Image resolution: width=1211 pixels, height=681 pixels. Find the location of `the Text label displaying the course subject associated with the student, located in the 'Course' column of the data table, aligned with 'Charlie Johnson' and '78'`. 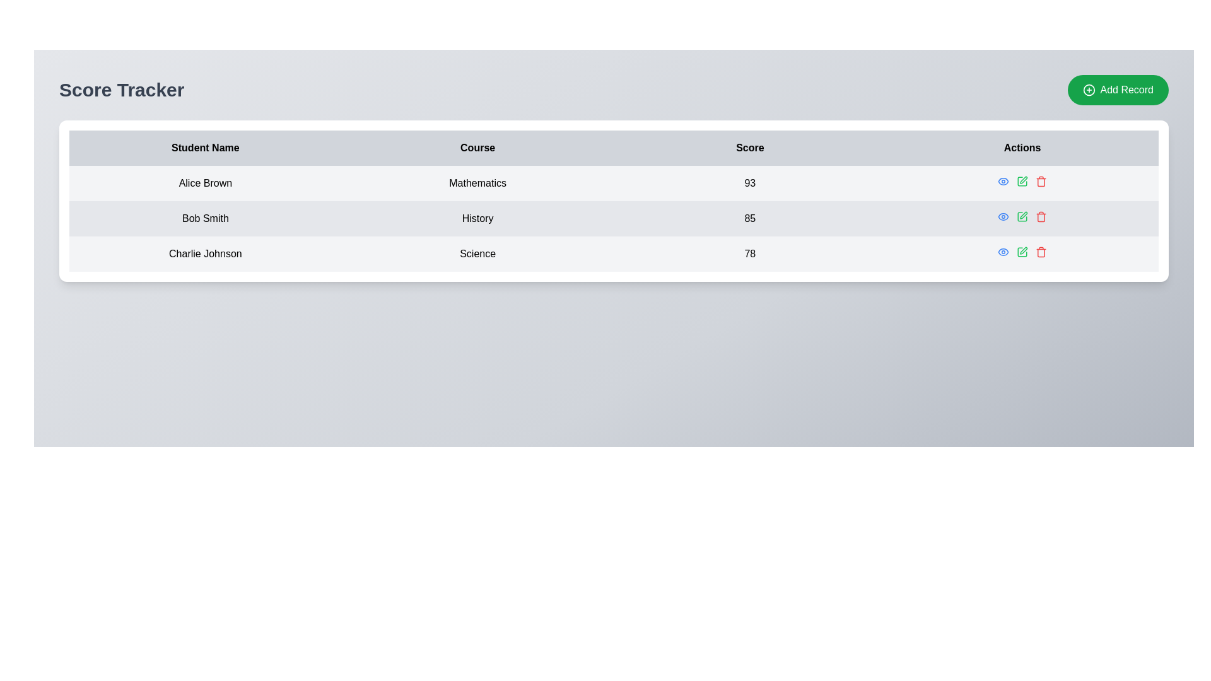

the Text label displaying the course subject associated with the student, located in the 'Course' column of the data table, aligned with 'Charlie Johnson' and '78' is located at coordinates (477, 253).